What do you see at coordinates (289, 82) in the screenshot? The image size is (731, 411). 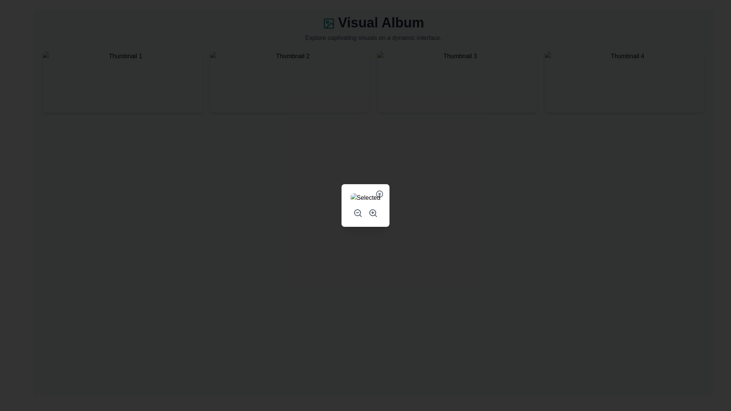 I see `the second thumbnail in the clickable thumbnail interface` at bounding box center [289, 82].